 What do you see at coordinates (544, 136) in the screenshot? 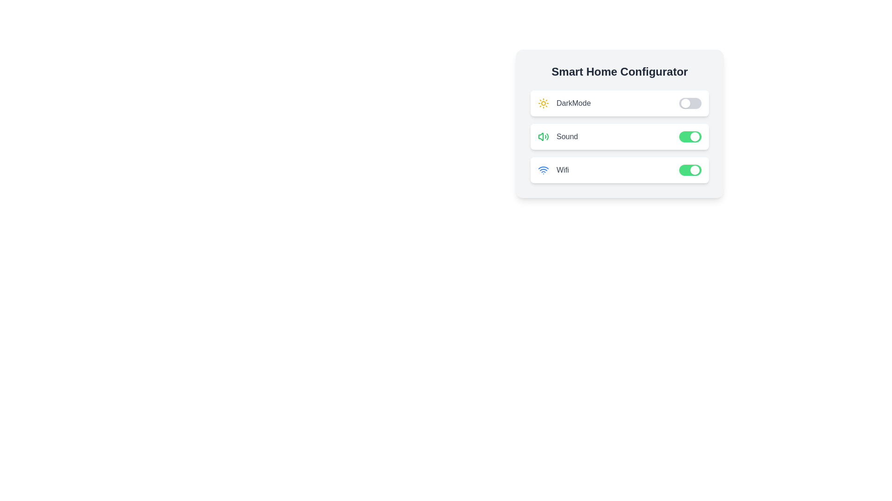
I see `green-colored sound volume icon that resembles a speaker emitting sound waves, located next to the 'Sound' label in the 'Smart Home Configurator' section` at bounding box center [544, 136].